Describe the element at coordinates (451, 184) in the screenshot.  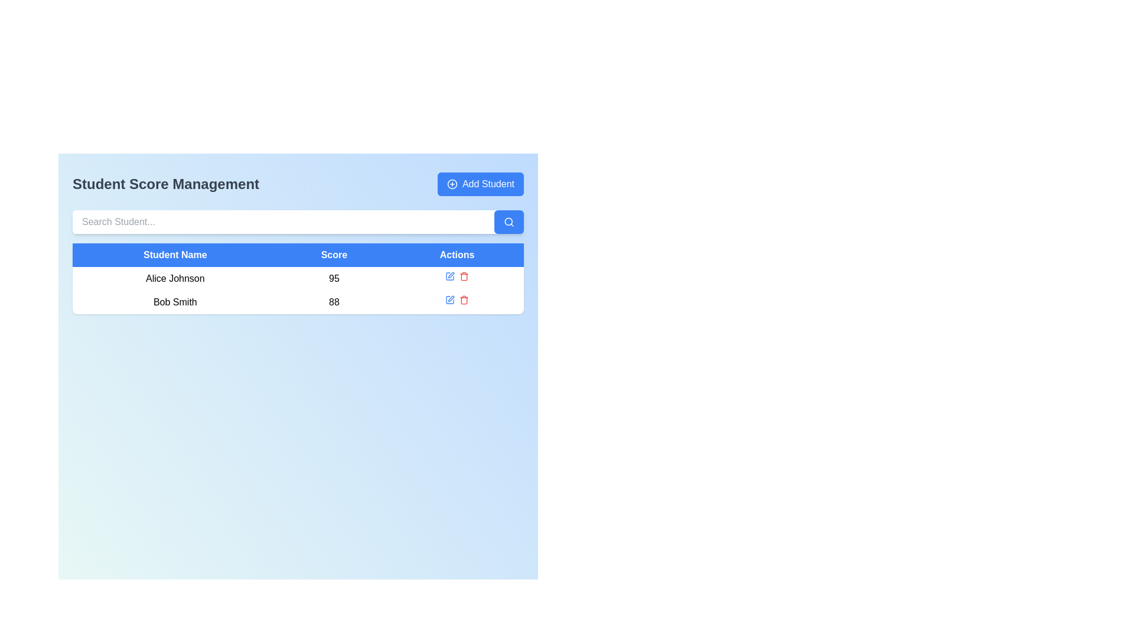
I see `the icon representing the action of adding or creating a new entry, located inside the 'Add Student' button at the top-right section of the interface` at that location.